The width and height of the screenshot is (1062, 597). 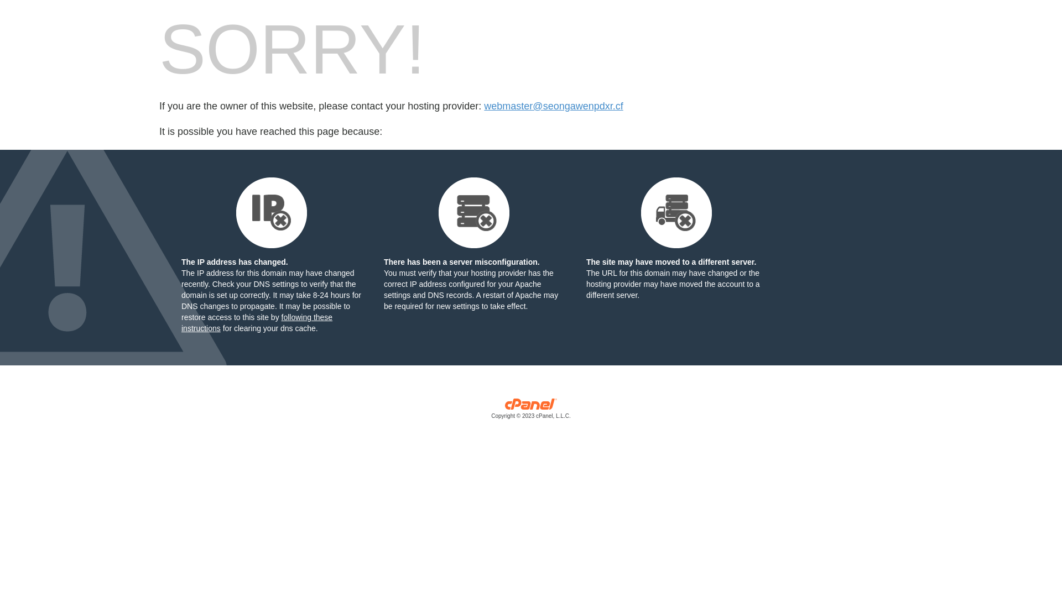 I want to click on 'webmaster@seongawenpdxr.cf', so click(x=483, y=106).